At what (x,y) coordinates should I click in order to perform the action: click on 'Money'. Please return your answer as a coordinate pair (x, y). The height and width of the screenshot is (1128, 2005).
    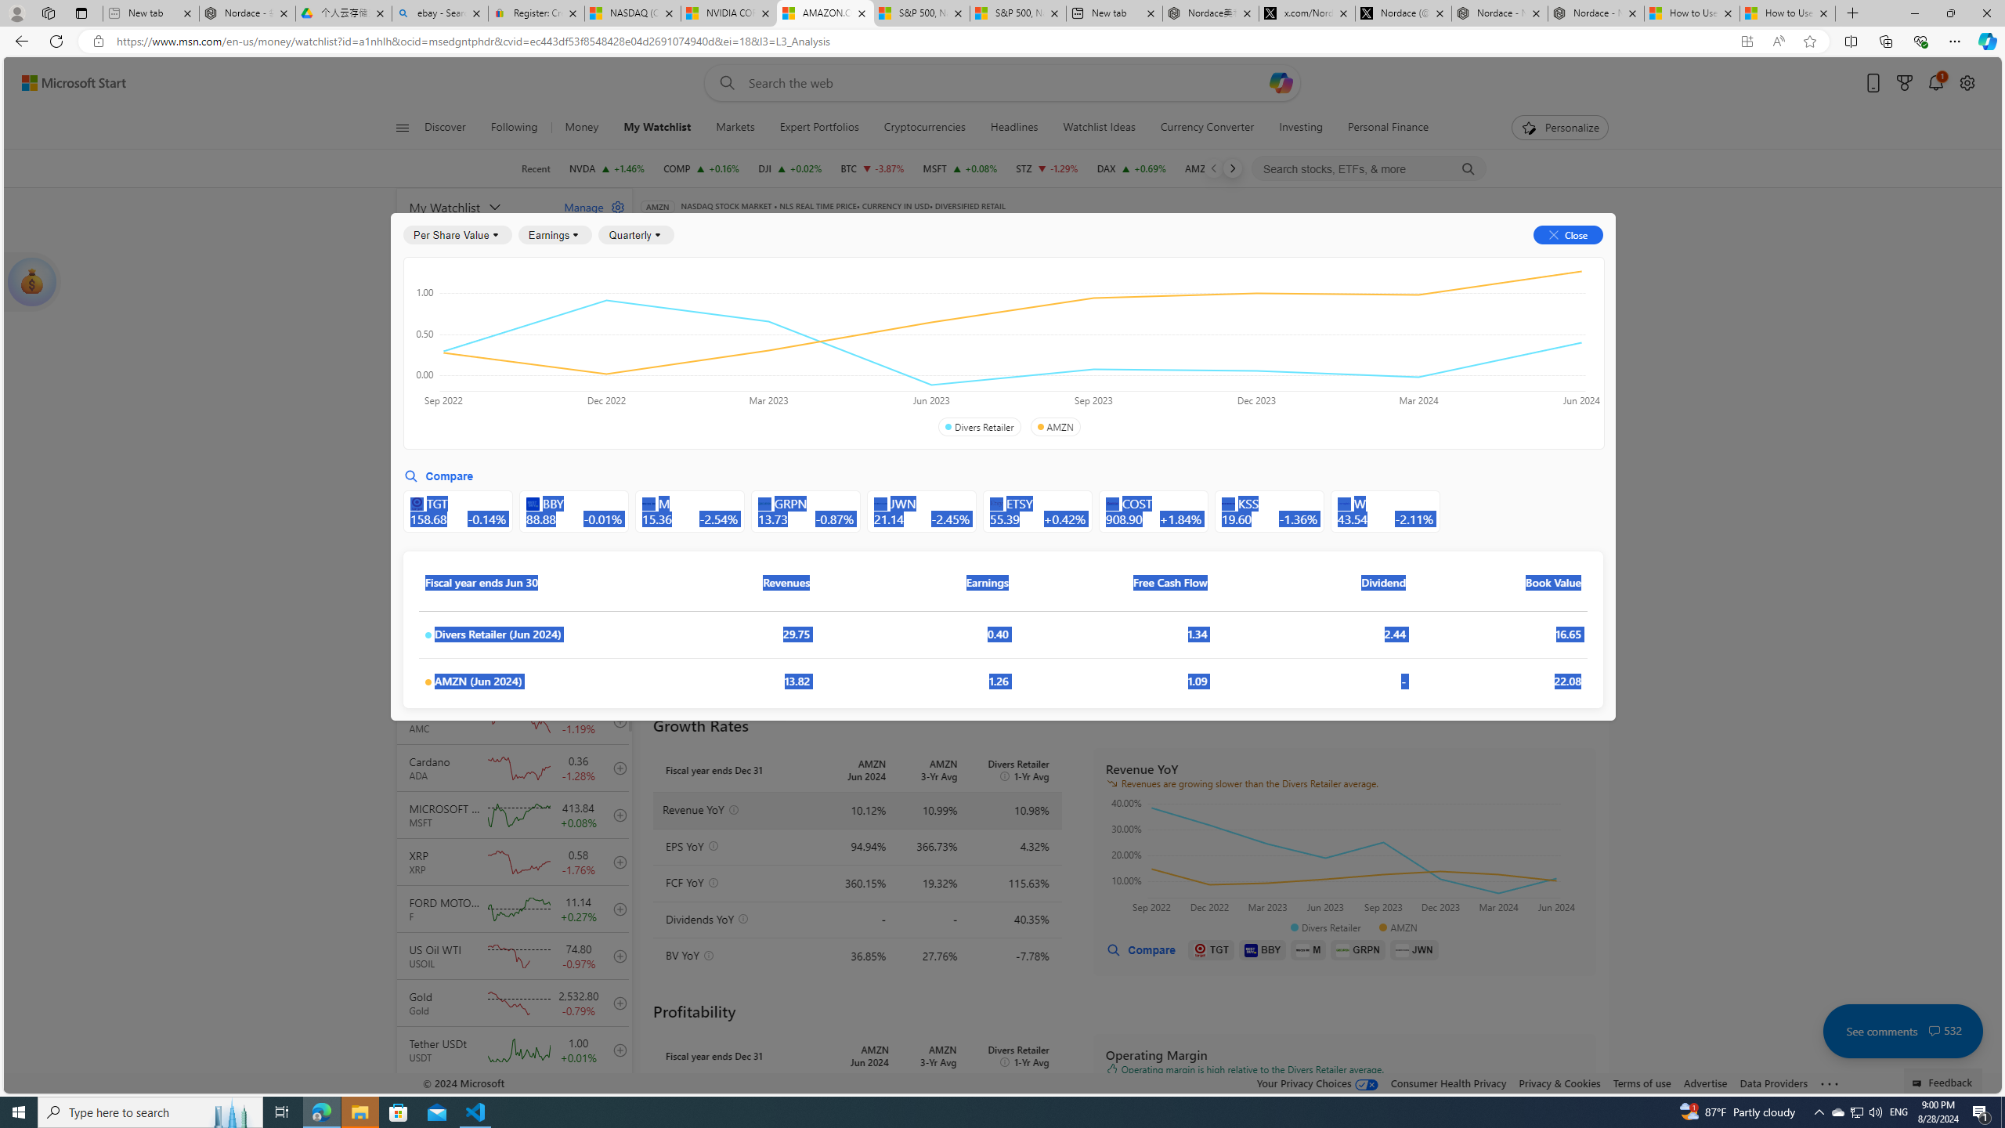
    Looking at the image, I should click on (580, 127).